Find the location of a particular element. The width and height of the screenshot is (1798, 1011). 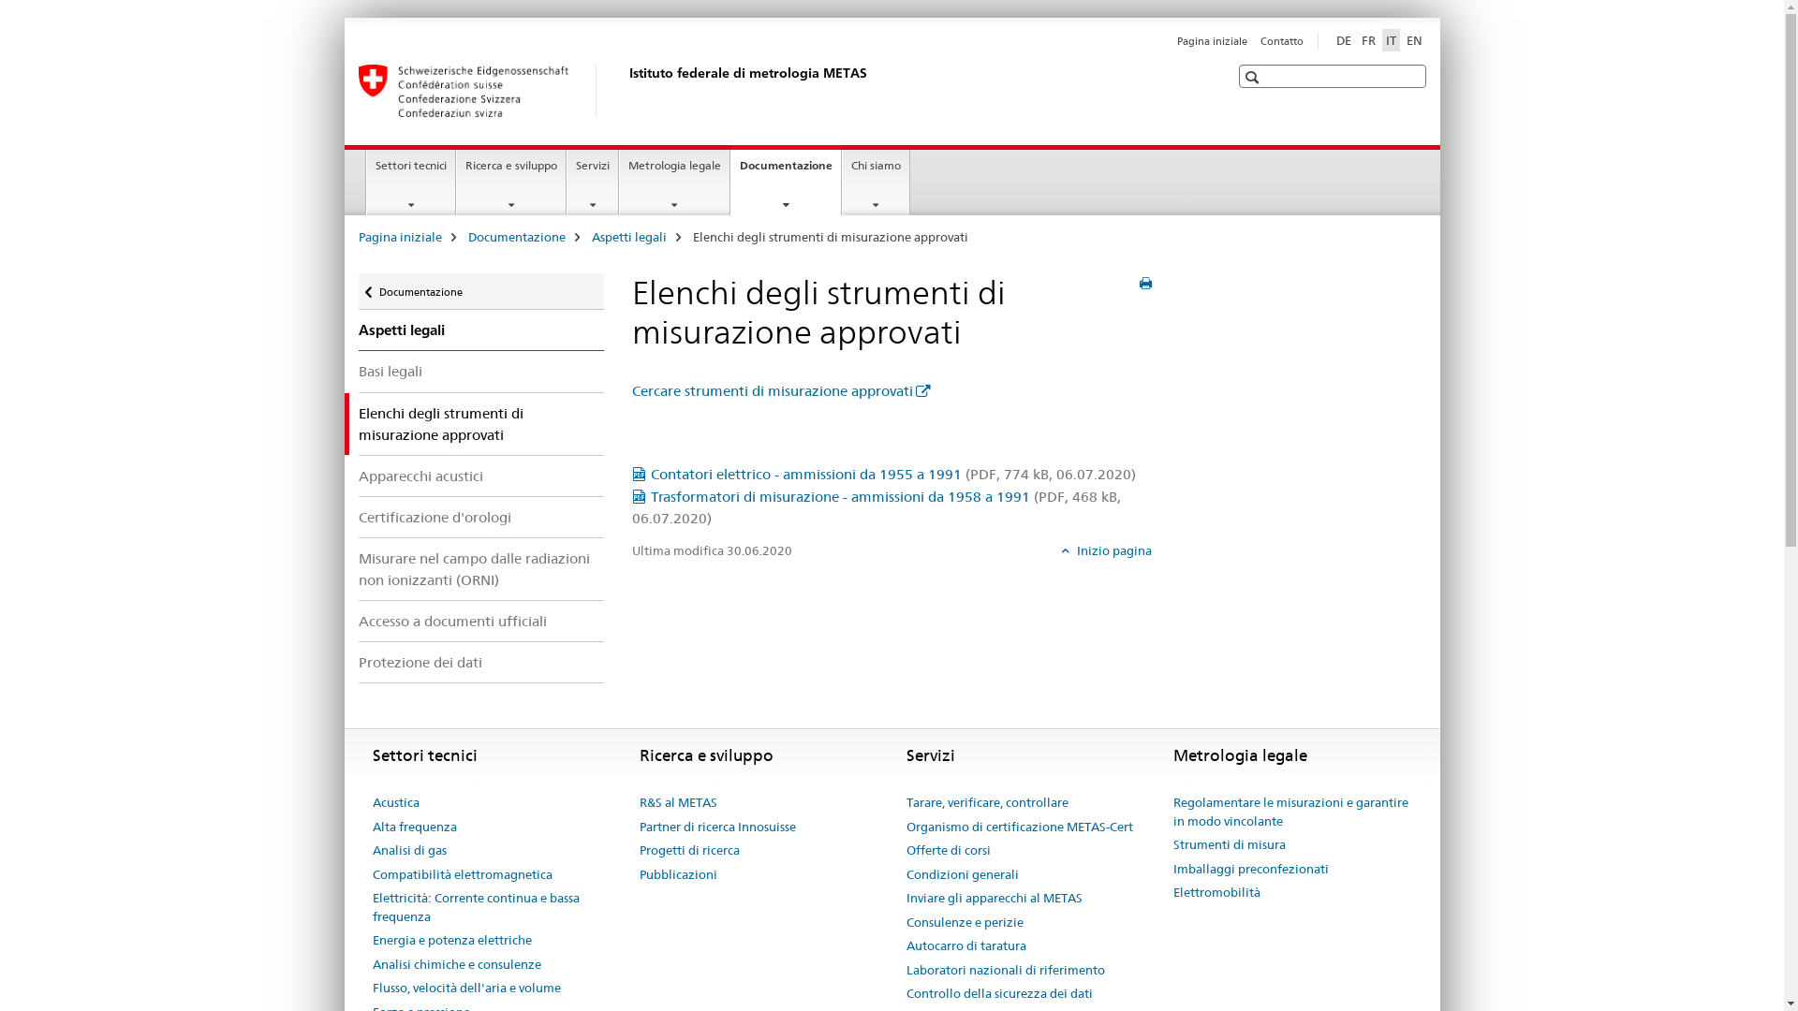

'Progetti di ricerca' is located at coordinates (687, 851).